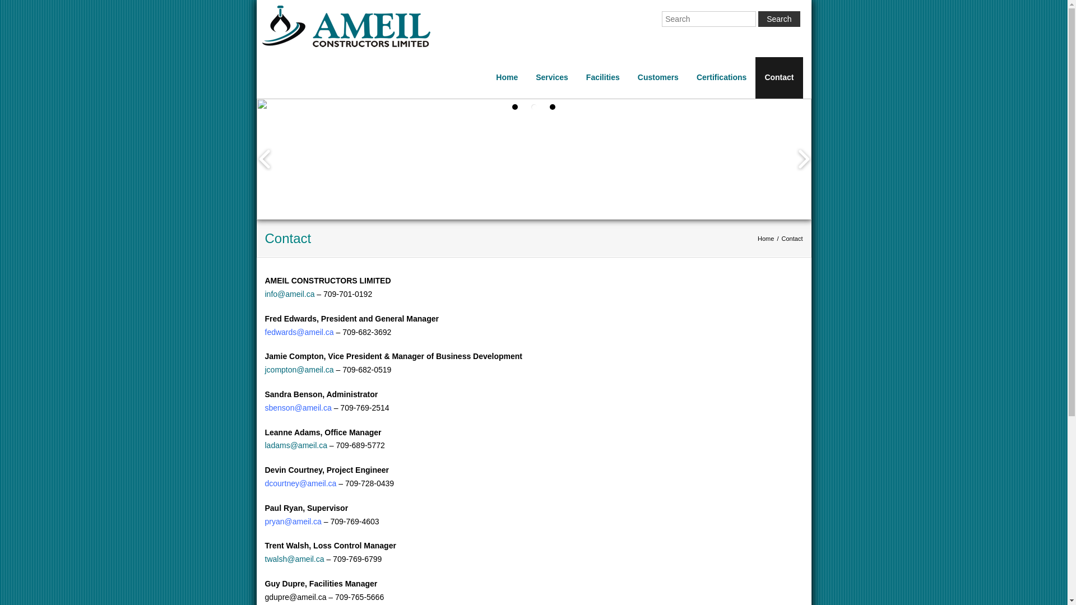 This screenshot has height=605, width=1076. Describe the element at coordinates (303, 521) in the screenshot. I see `'@ameil.ca'` at that location.